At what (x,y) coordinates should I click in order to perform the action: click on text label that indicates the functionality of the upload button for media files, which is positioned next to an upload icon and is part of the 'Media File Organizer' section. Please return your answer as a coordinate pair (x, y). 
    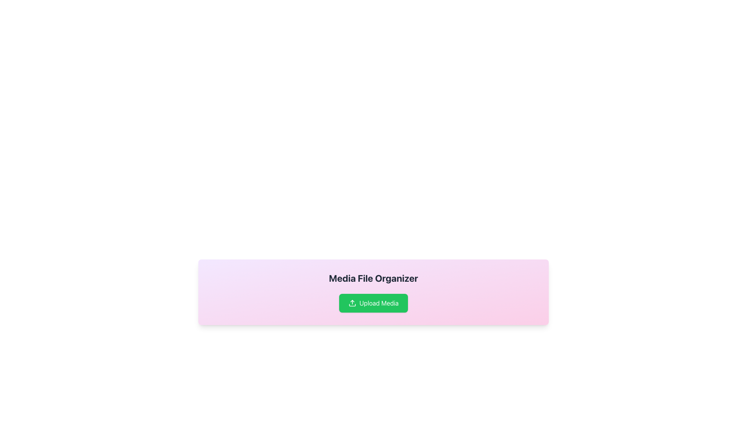
    Looking at the image, I should click on (379, 302).